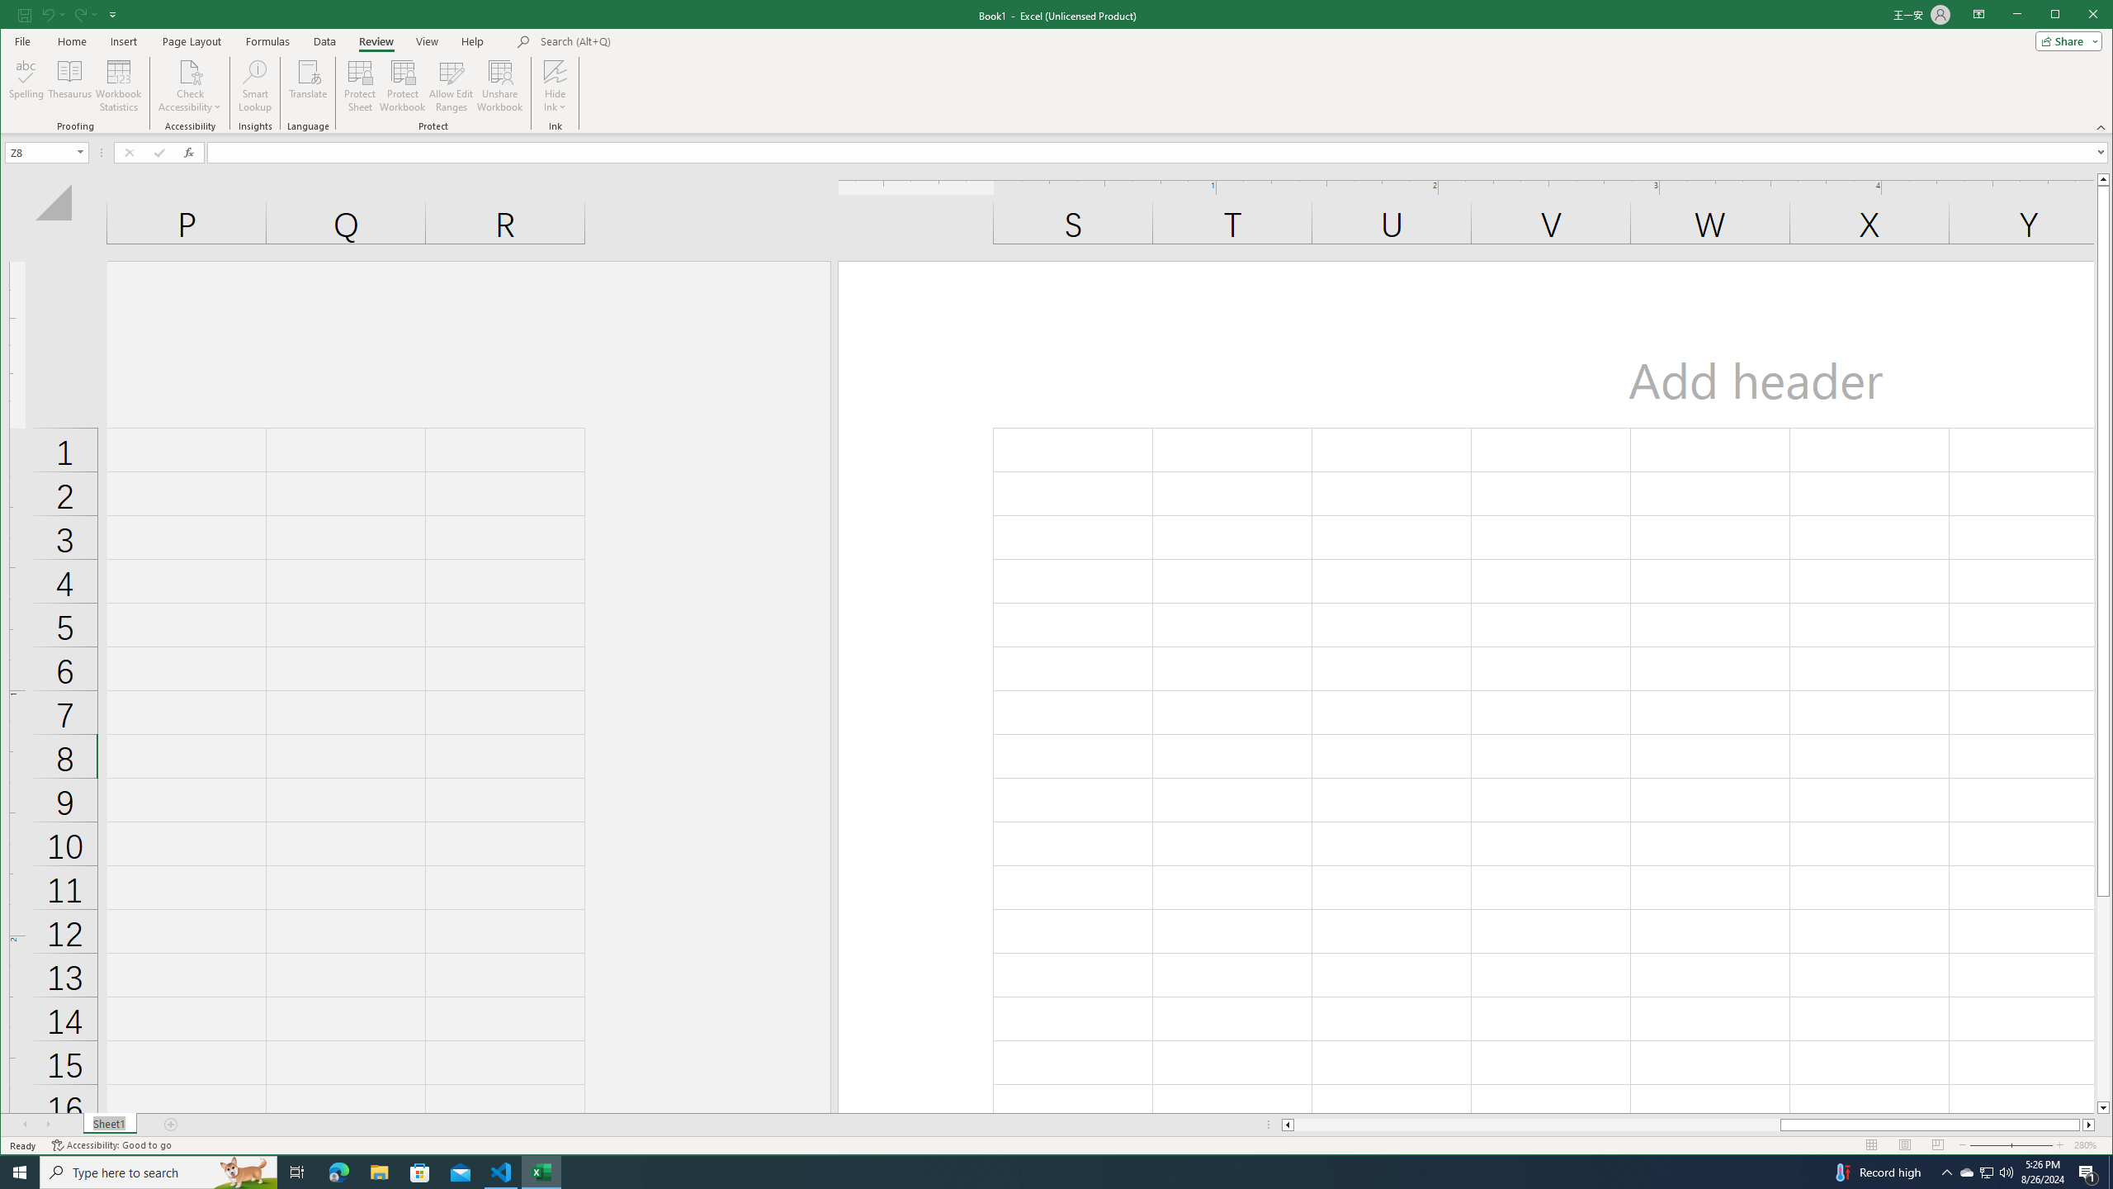 This screenshot has height=1189, width=2113. Describe the element at coordinates (2005, 1171) in the screenshot. I see `'Q2790: 100%'` at that location.